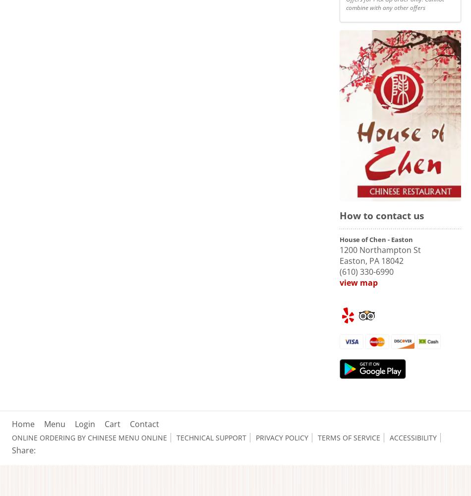  What do you see at coordinates (412, 437) in the screenshot?
I see `'Accessibility'` at bounding box center [412, 437].